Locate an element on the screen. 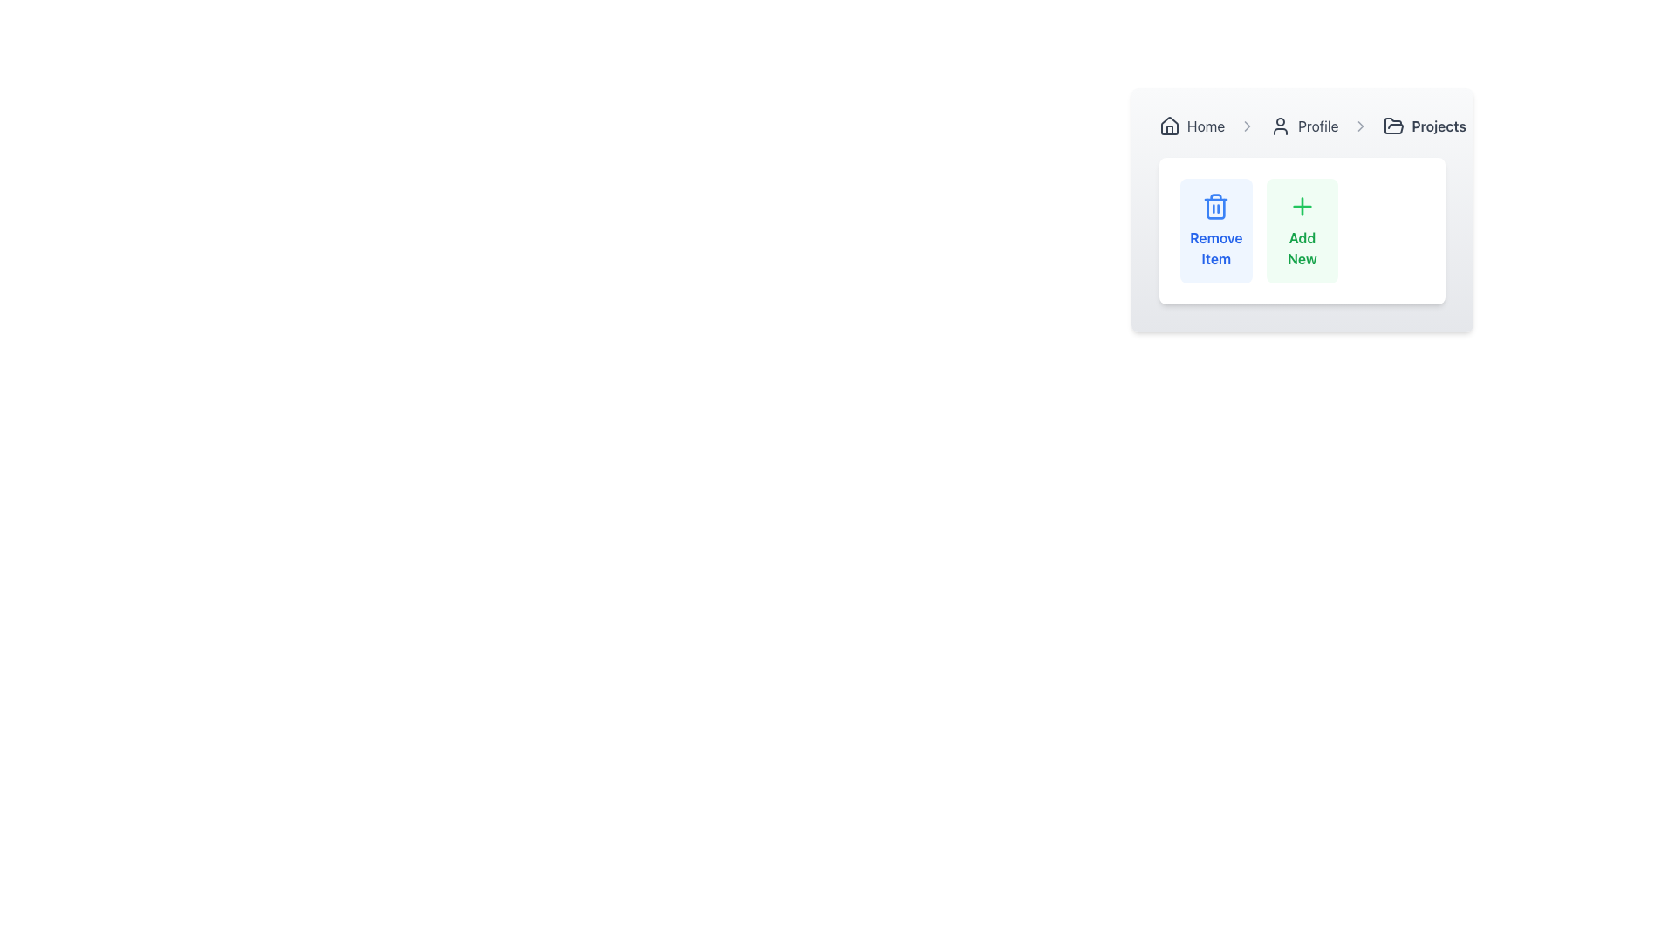 The width and height of the screenshot is (1675, 942). the trash can icon located within the 'Remove Item' card is located at coordinates (1215, 205).